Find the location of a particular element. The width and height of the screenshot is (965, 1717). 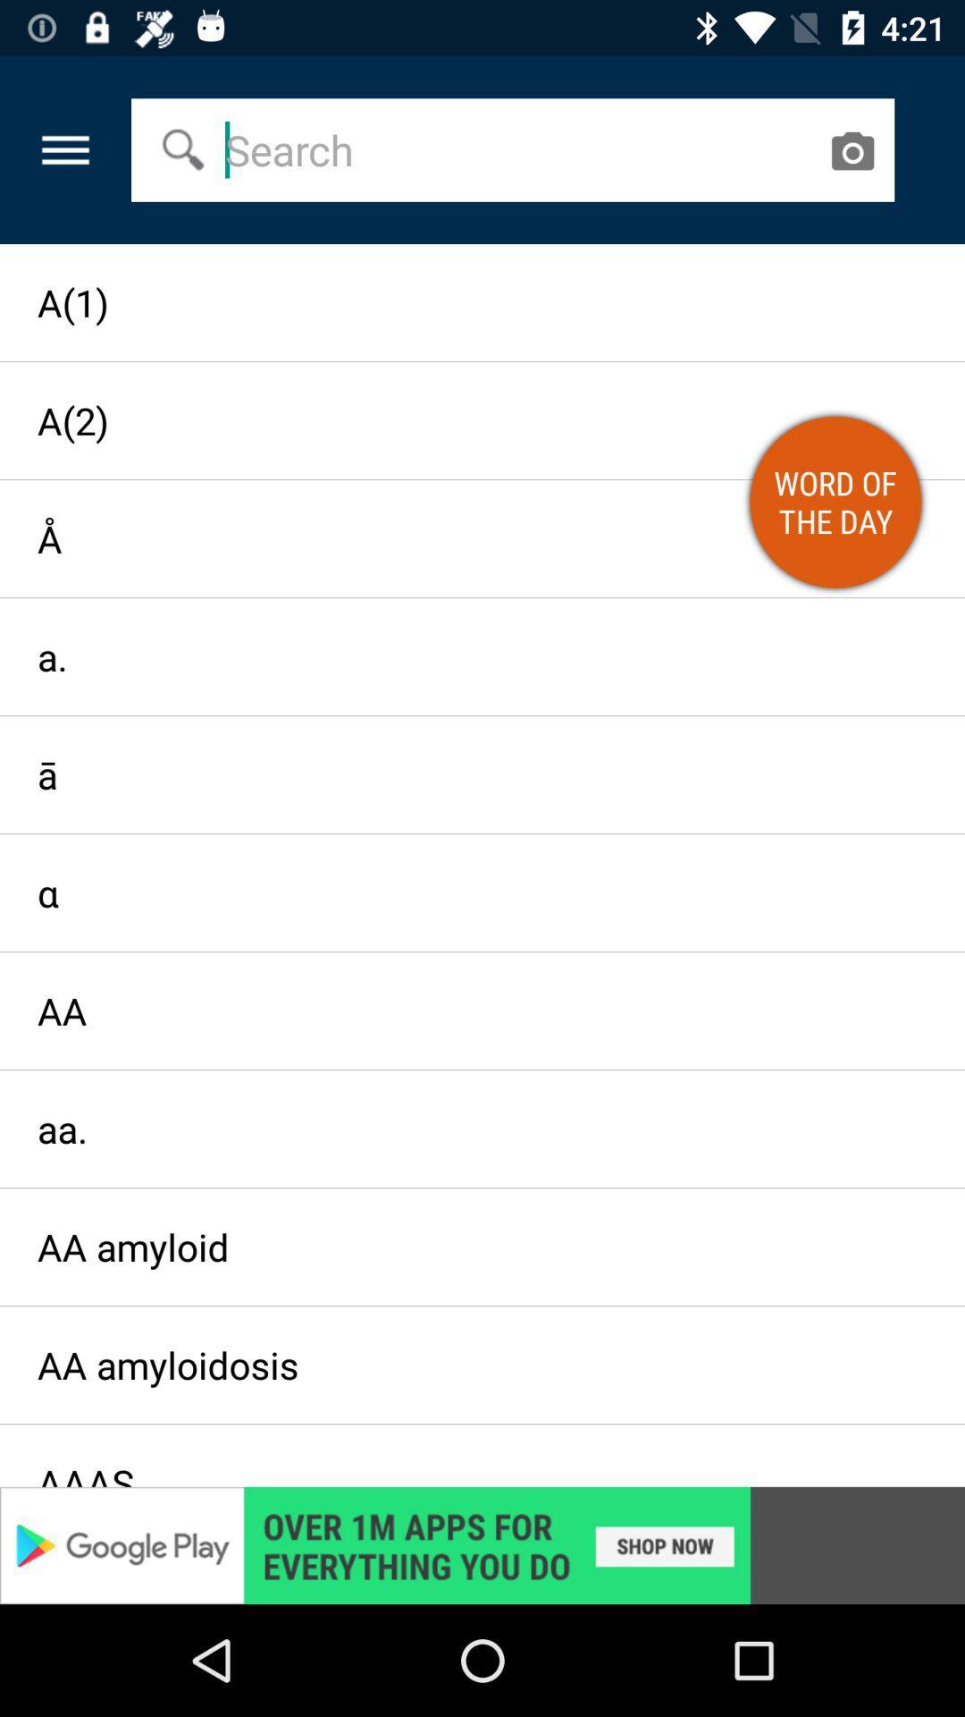

open camera is located at coordinates (851, 150).